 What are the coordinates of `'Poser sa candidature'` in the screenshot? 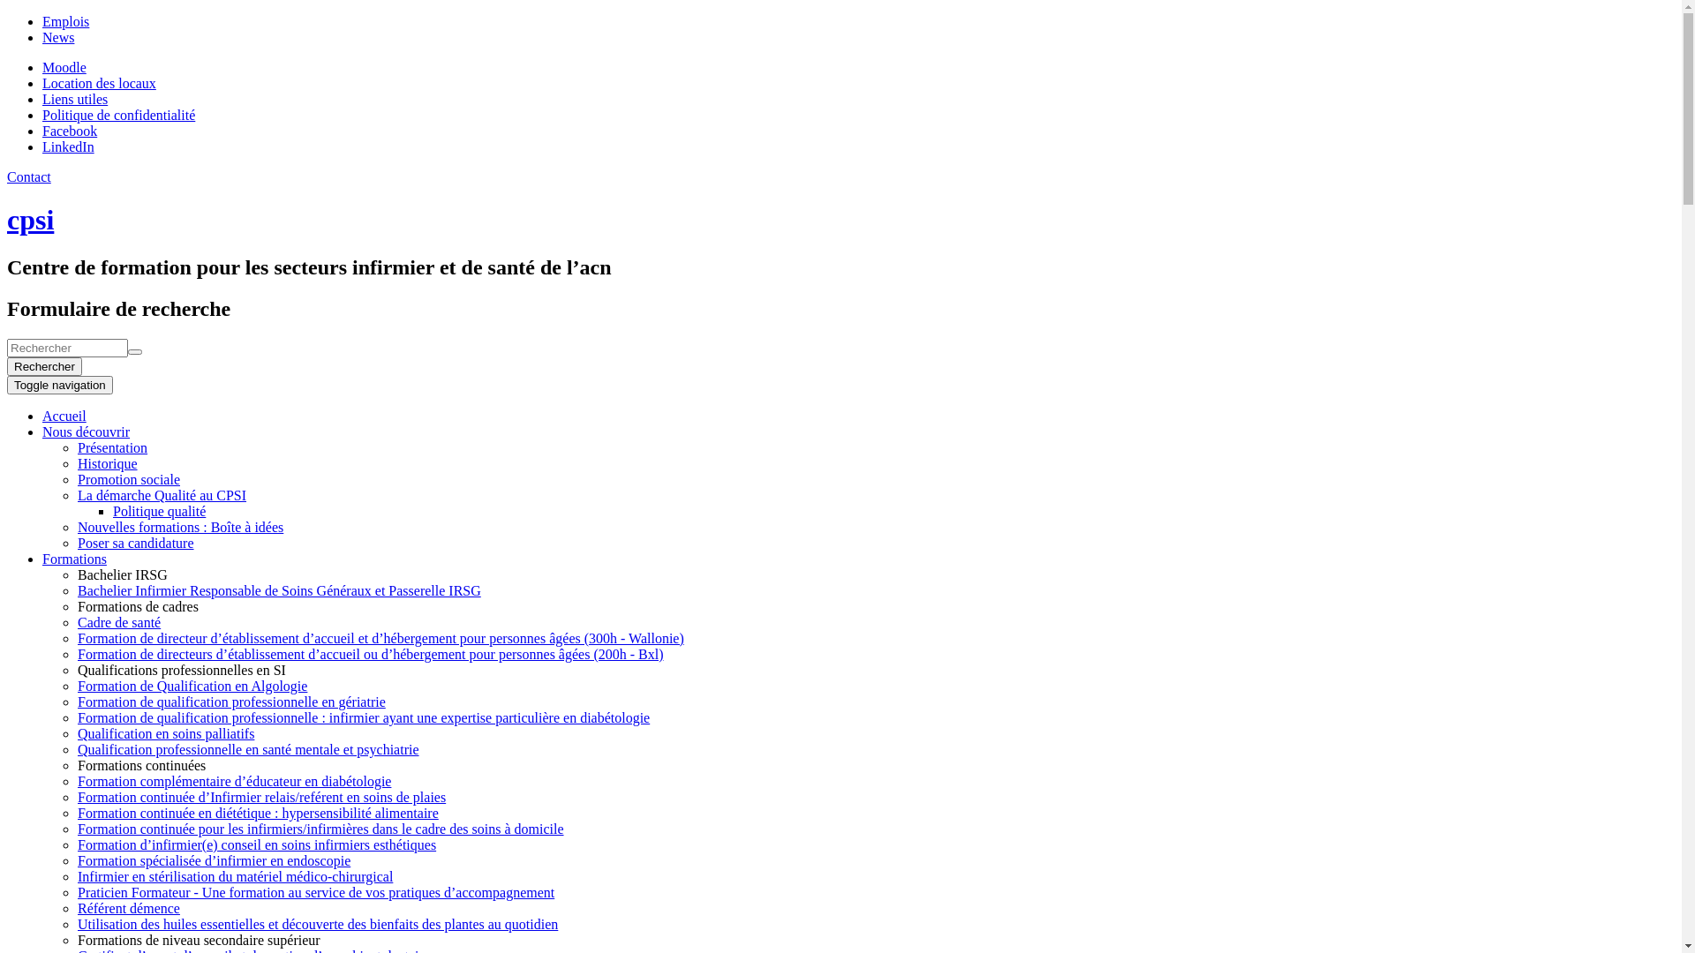 It's located at (76, 542).